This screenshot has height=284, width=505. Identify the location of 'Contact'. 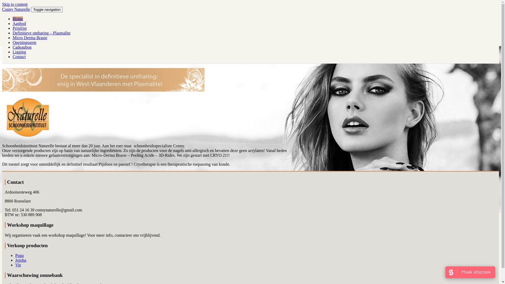
(19, 57).